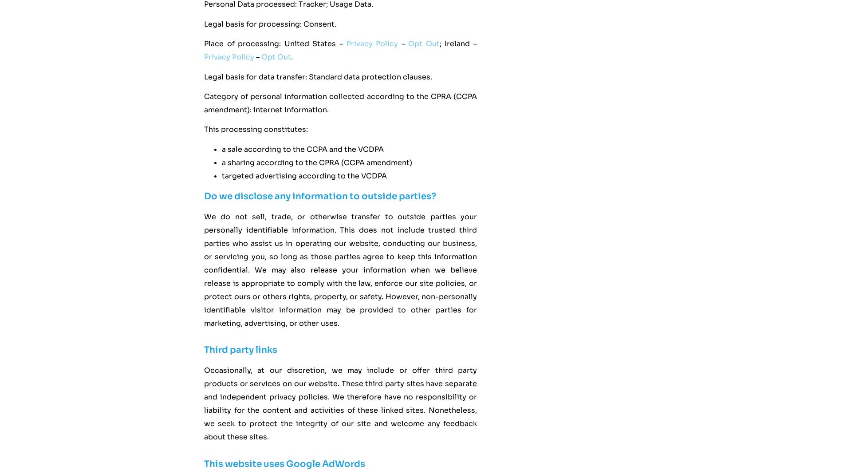 This screenshot has width=843, height=474. What do you see at coordinates (303, 148) in the screenshot?
I see `'a sale according to the CCPA and the VCDPA'` at bounding box center [303, 148].